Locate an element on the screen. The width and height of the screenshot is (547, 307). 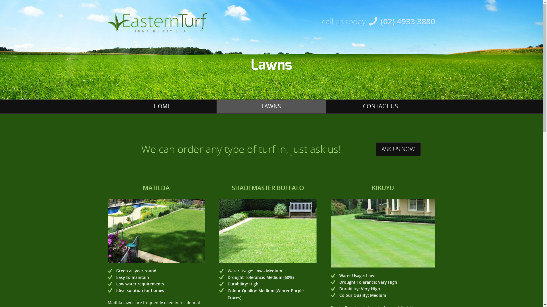
'HOME' is located at coordinates (162, 106).